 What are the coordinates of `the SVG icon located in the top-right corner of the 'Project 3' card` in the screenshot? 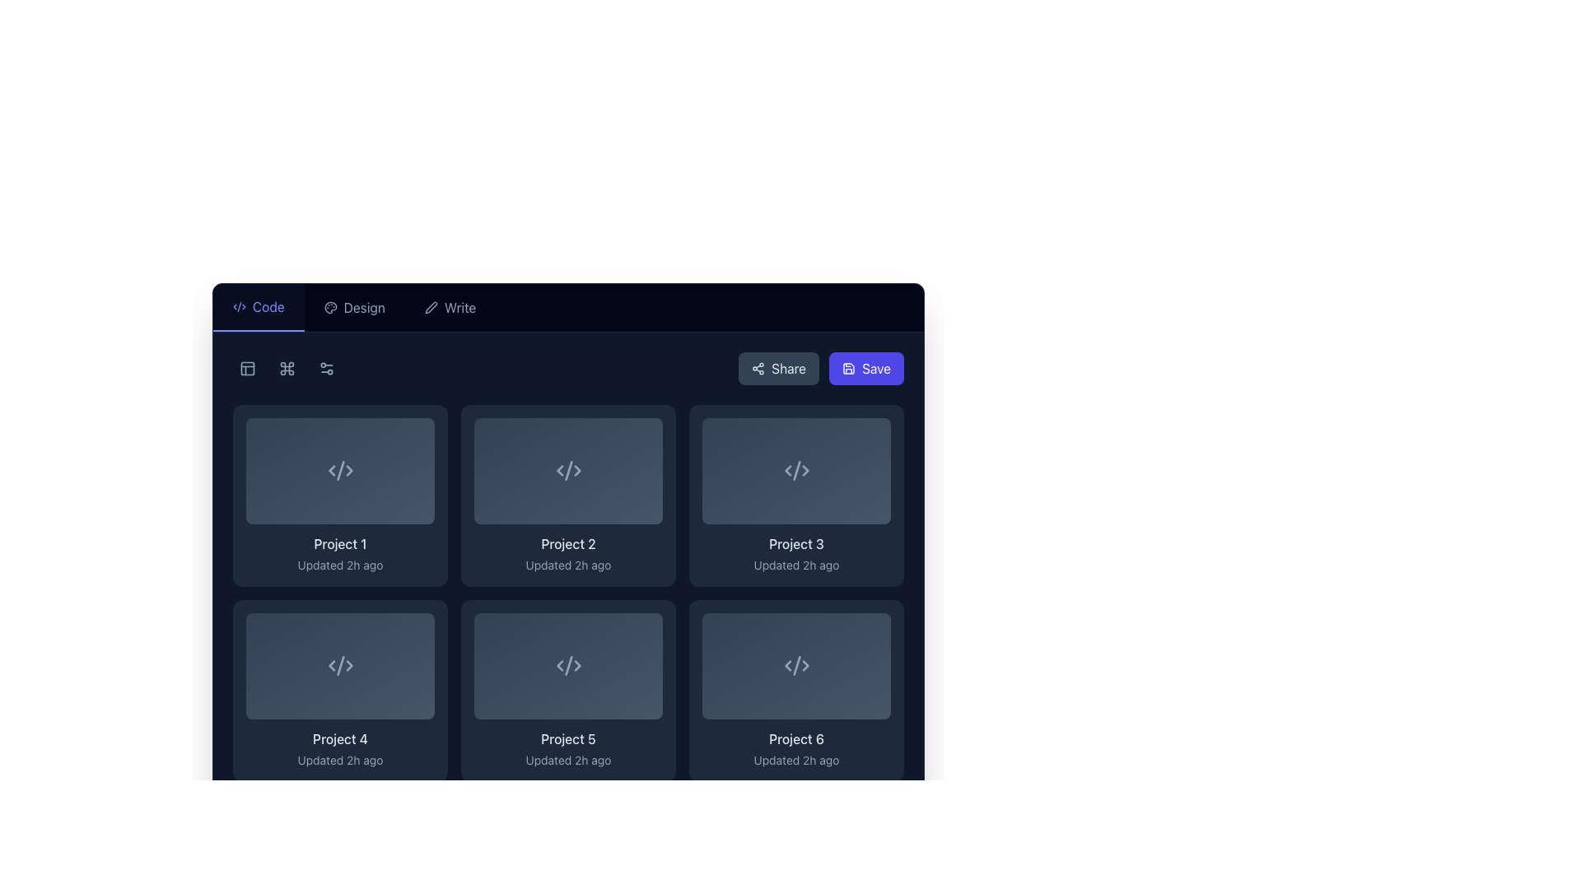 It's located at (887, 421).